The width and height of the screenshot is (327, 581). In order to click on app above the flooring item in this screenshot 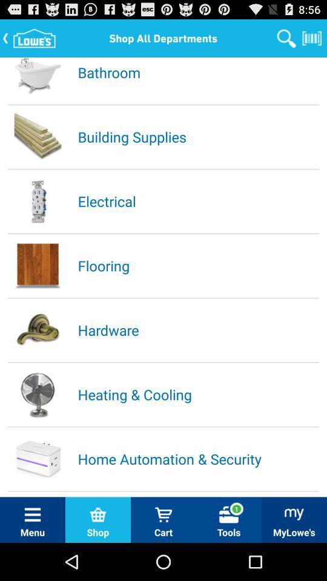, I will do `click(197, 201)`.